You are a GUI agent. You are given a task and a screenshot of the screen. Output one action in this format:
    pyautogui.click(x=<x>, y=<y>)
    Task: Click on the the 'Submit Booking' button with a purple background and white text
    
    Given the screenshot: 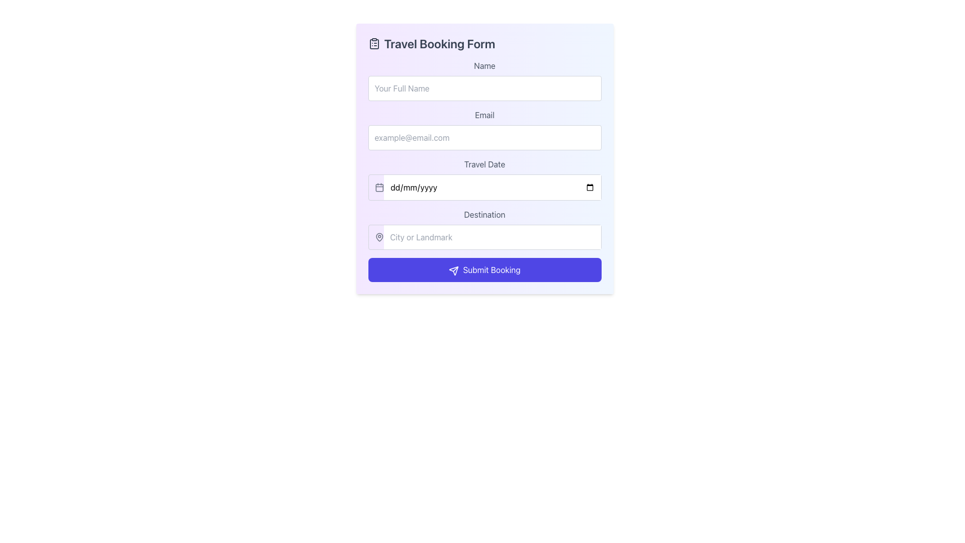 What is the action you would take?
    pyautogui.click(x=485, y=269)
    